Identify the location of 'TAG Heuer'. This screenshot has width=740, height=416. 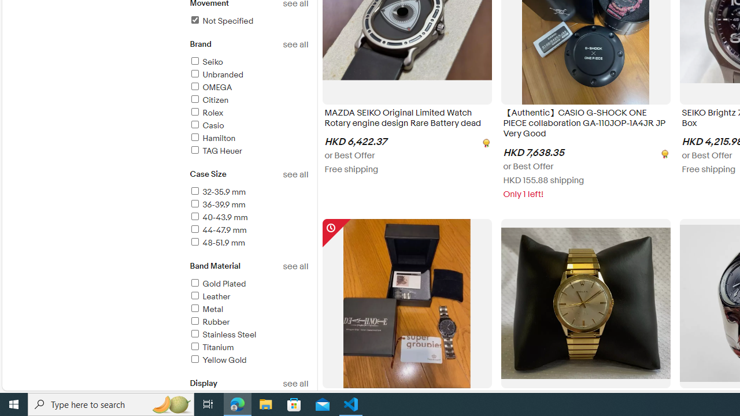
(215, 150).